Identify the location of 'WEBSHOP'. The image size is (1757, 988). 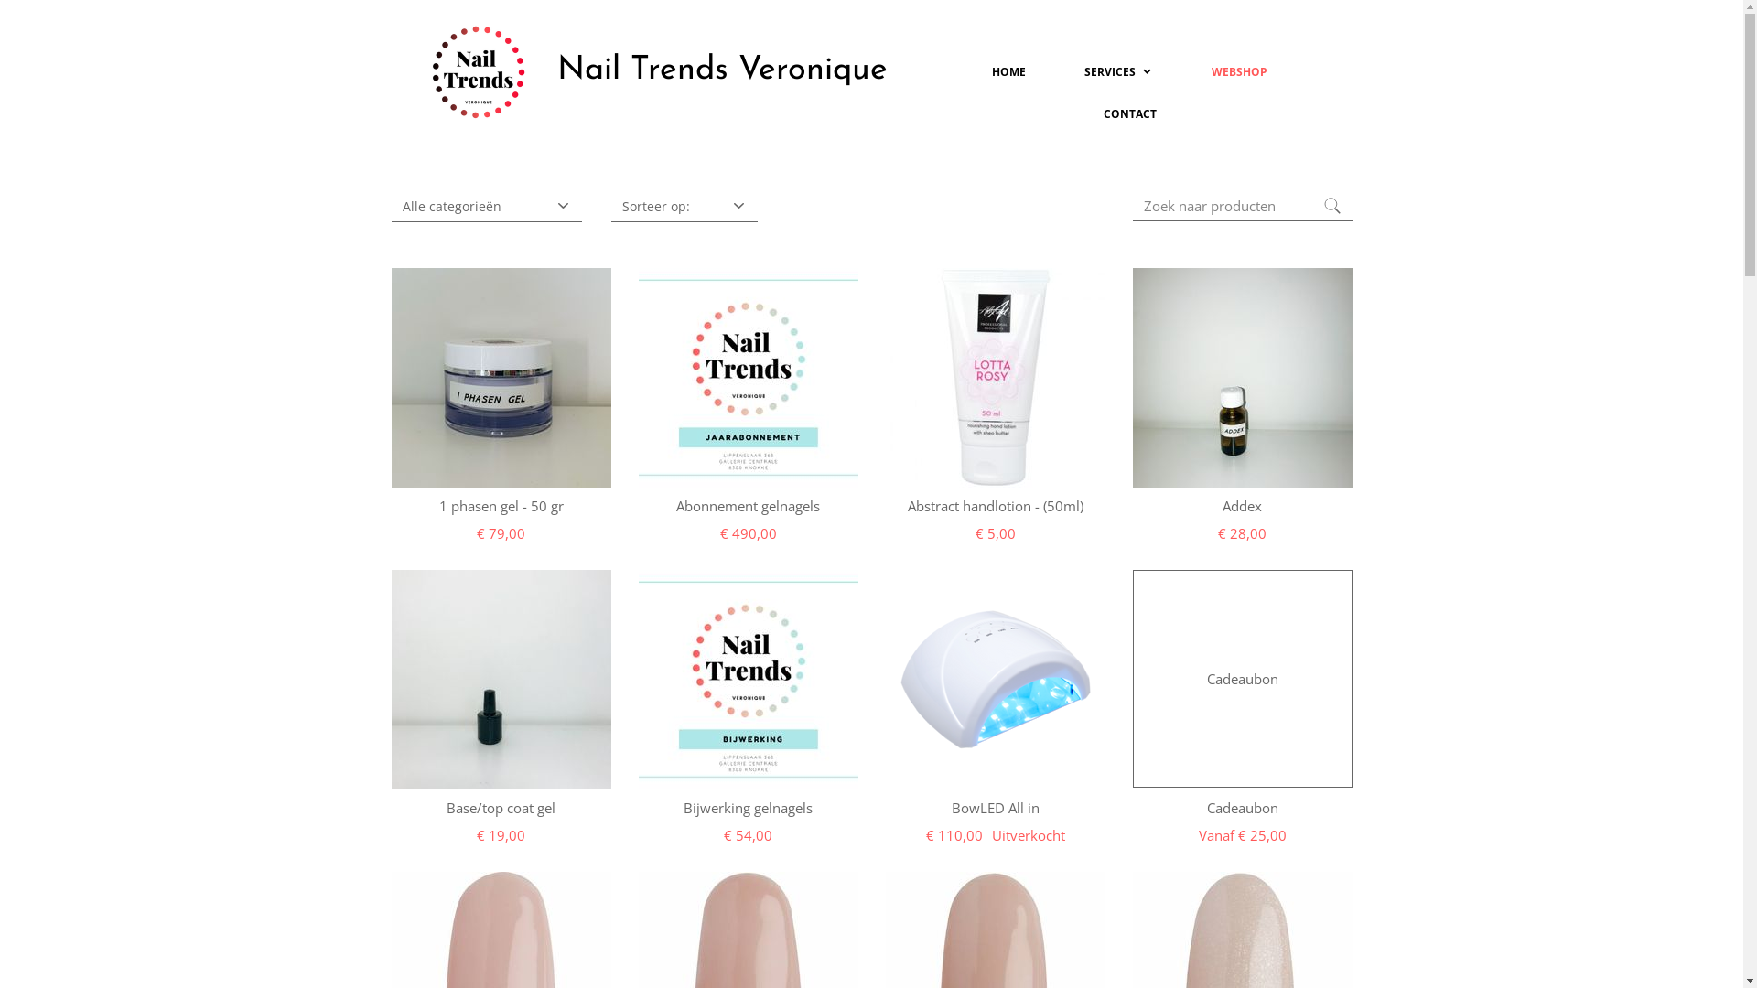
(1239, 70).